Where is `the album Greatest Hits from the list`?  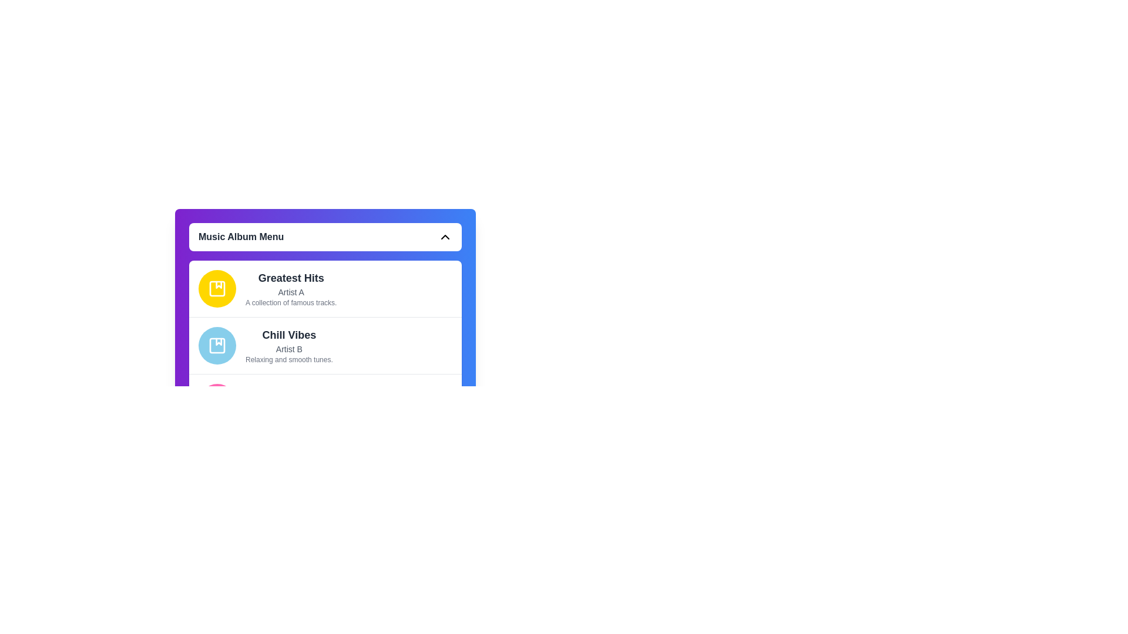
the album Greatest Hits from the list is located at coordinates (325, 289).